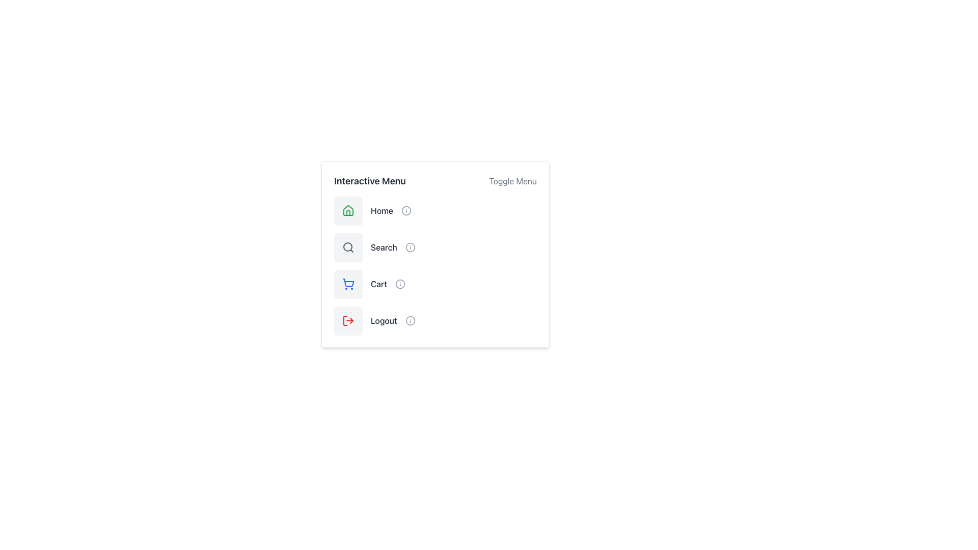 Image resolution: width=978 pixels, height=550 pixels. Describe the element at coordinates (348, 284) in the screenshot. I see `the shopping cart icon with a blue outline and white interior, located in the 'Interactive Menu' card, positioned below 'Home' and 'Search' options` at that location.